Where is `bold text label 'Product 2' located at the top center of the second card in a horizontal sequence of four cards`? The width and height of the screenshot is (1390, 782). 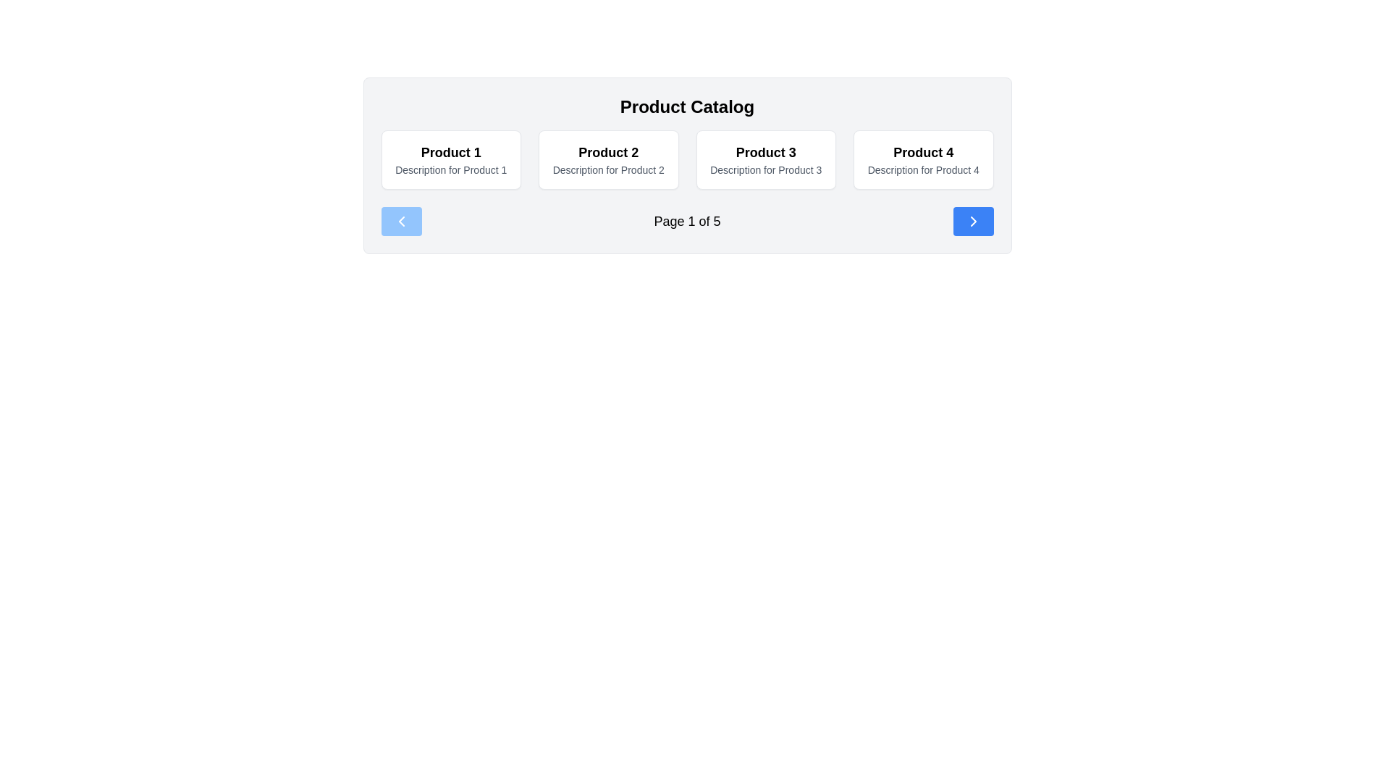 bold text label 'Product 2' located at the top center of the second card in a horizontal sequence of four cards is located at coordinates (608, 153).